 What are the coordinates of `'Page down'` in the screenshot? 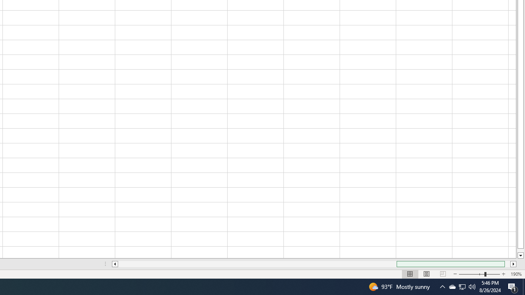 It's located at (520, 250).